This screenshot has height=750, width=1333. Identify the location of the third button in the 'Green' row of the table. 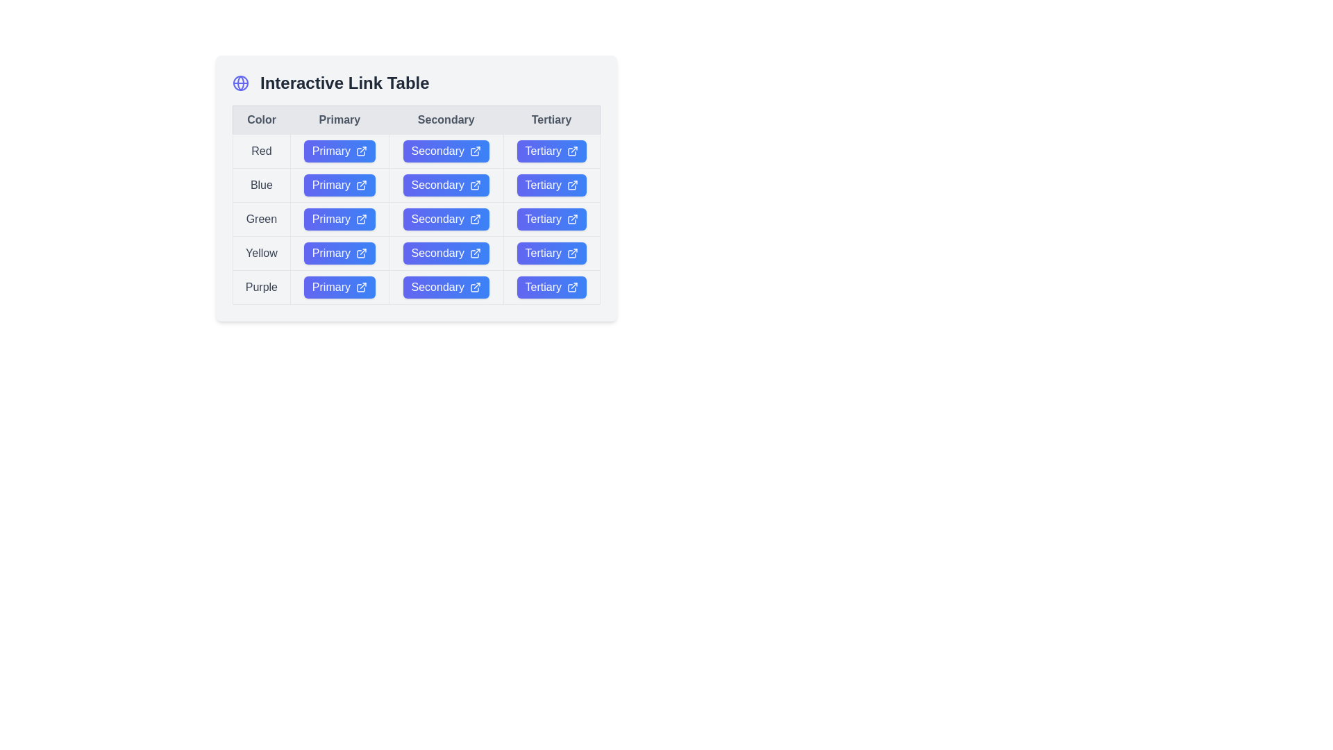
(551, 219).